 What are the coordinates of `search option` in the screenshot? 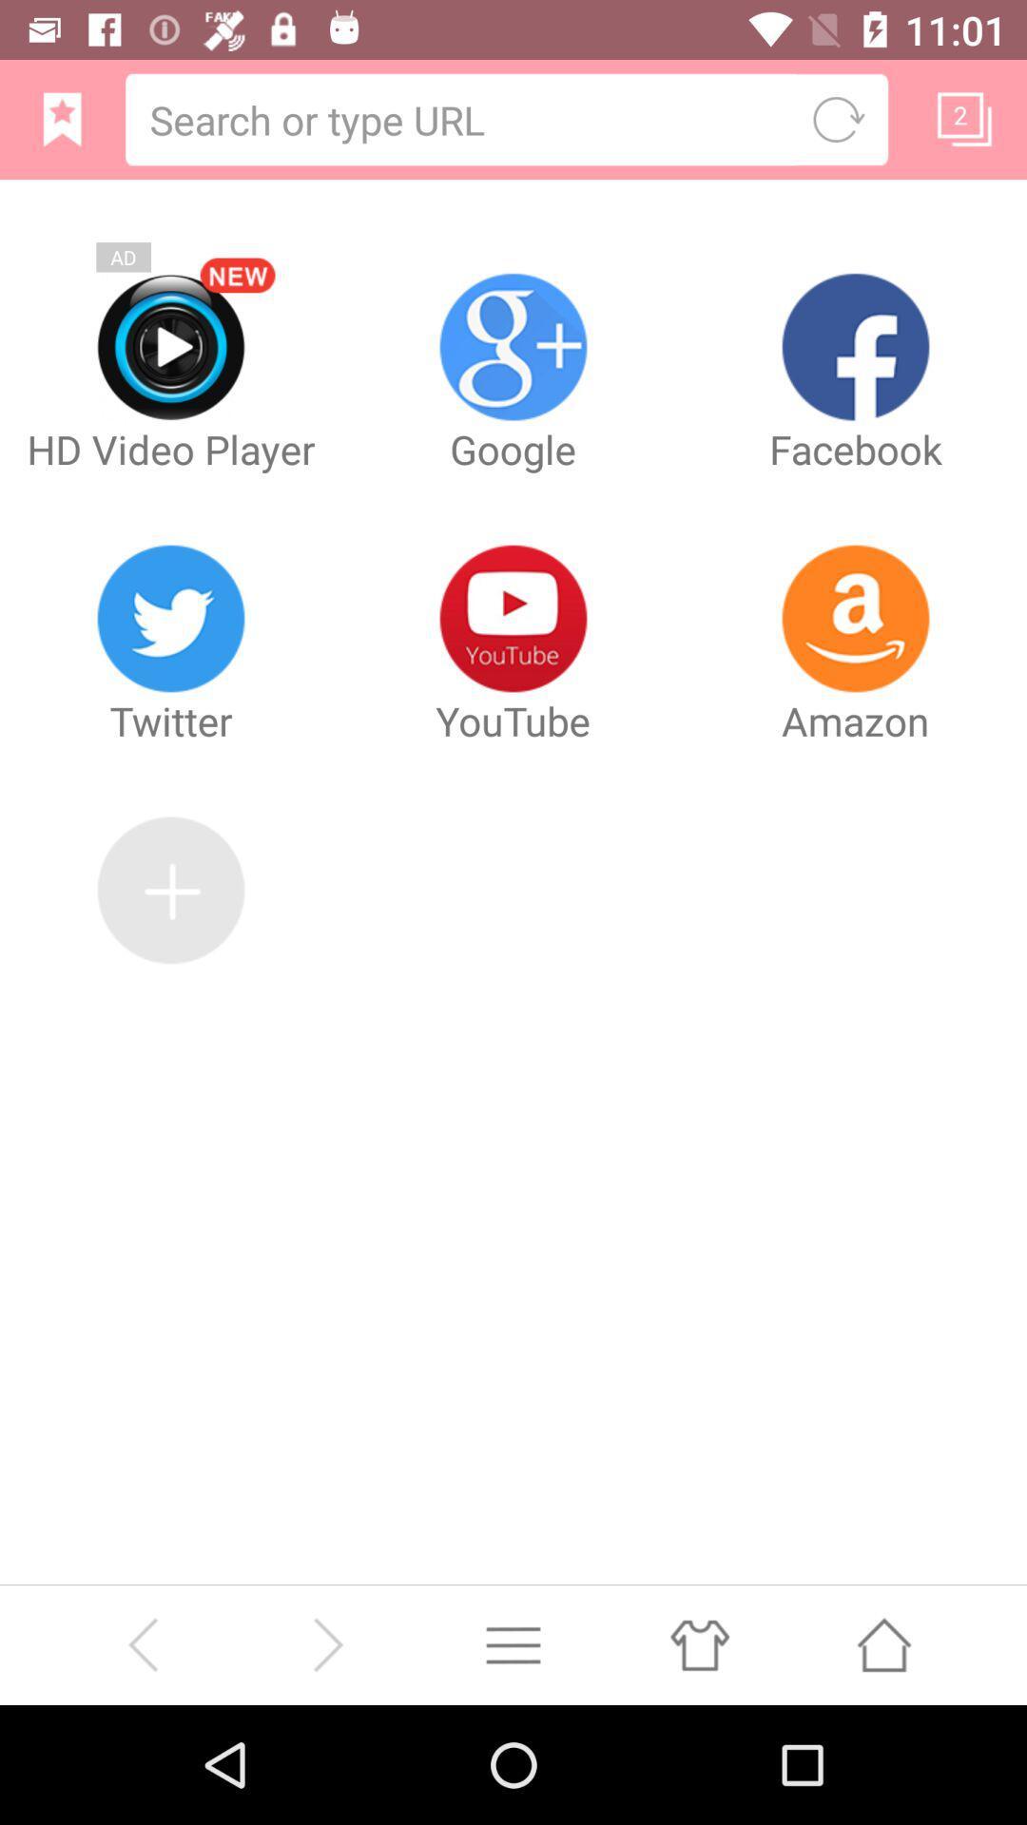 It's located at (463, 118).